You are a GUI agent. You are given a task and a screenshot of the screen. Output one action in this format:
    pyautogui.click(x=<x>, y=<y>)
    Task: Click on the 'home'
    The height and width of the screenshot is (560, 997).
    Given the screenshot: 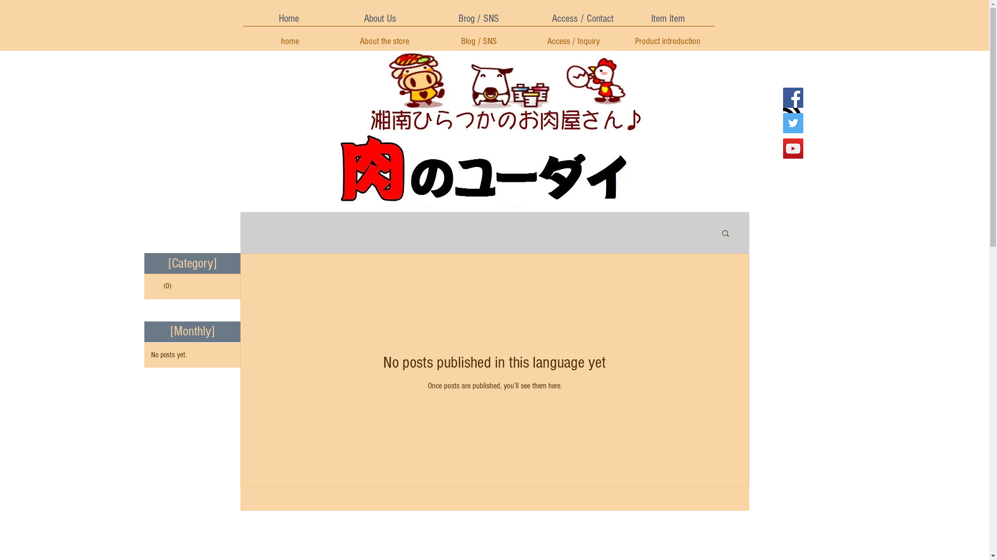 What is the action you would take?
    pyautogui.click(x=290, y=36)
    